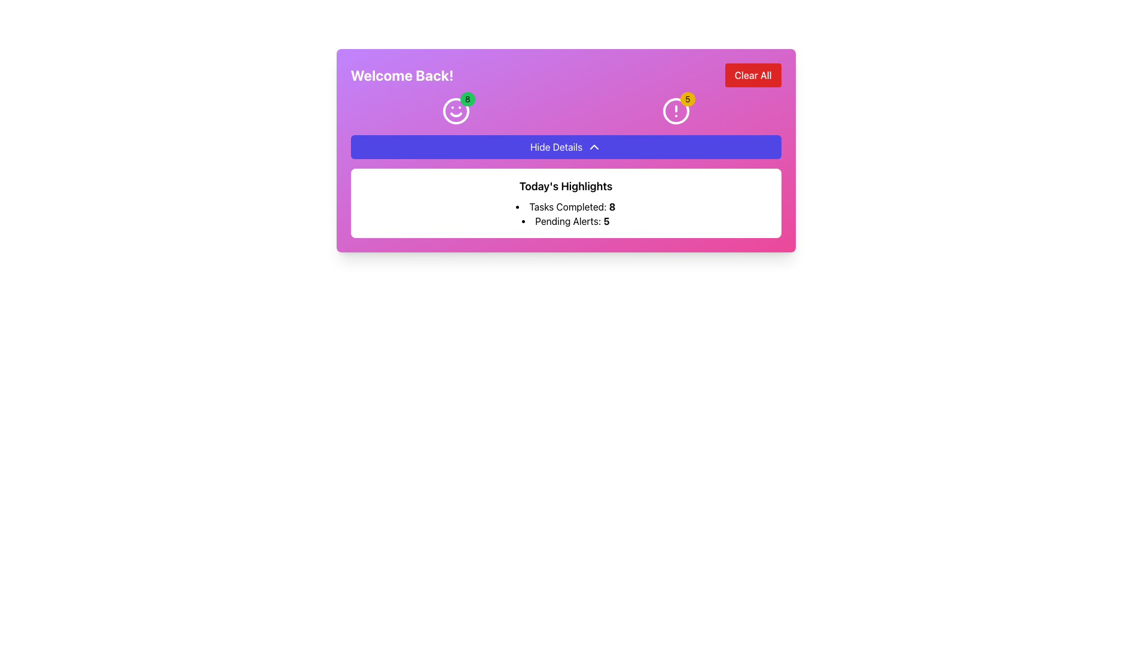 The height and width of the screenshot is (646, 1148). What do you see at coordinates (594, 147) in the screenshot?
I see `the small upward-facing chevron icon adjacent to the 'Hide Details' text, which is part of a button in a blue background area` at bounding box center [594, 147].